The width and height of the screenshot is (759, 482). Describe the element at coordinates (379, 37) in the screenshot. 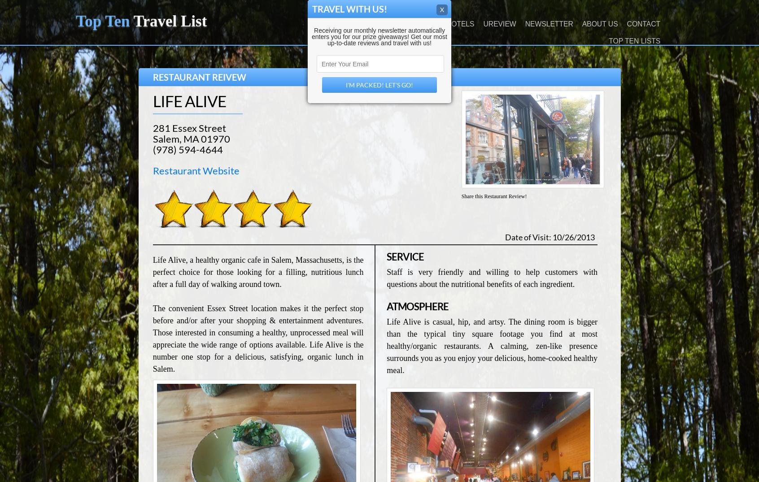

I see `'Receiving our monthly newsletter automatically enters you for our prize giveaways! Get our most up-to-date reviews and travel with us!'` at that location.